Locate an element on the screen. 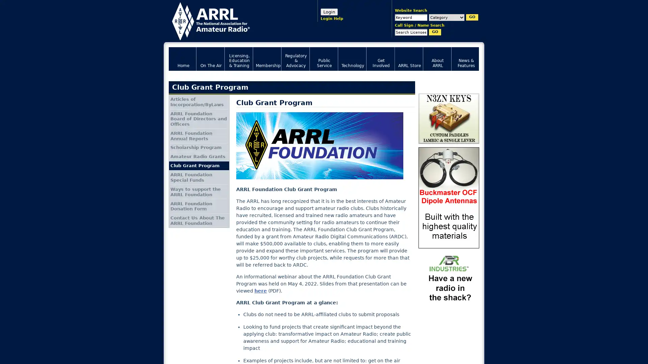 The width and height of the screenshot is (648, 364). Login is located at coordinates (329, 12).